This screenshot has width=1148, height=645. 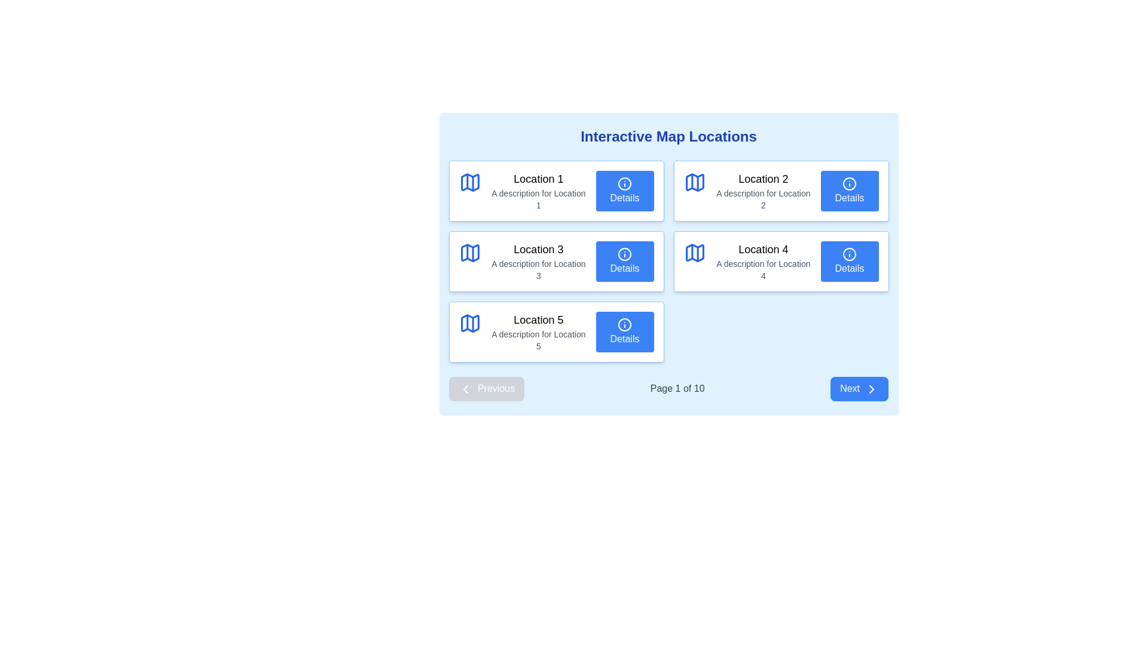 I want to click on the map icon representing 'Location 1', which is the first icon in the first row, located to the left of the text 'Location 1', so click(x=469, y=182).